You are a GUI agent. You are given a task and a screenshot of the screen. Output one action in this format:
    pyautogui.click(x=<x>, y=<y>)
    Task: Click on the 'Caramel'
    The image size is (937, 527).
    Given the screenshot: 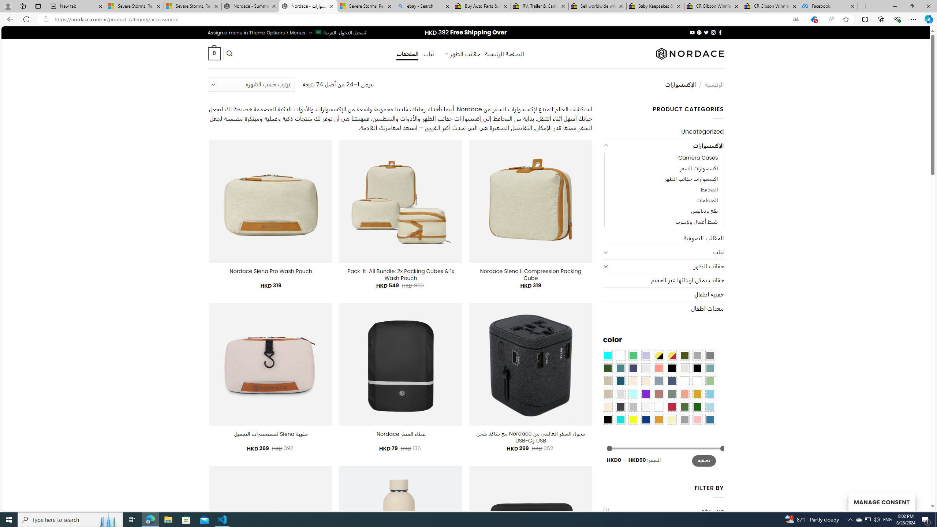 What is the action you would take?
    pyautogui.click(x=633, y=381)
    